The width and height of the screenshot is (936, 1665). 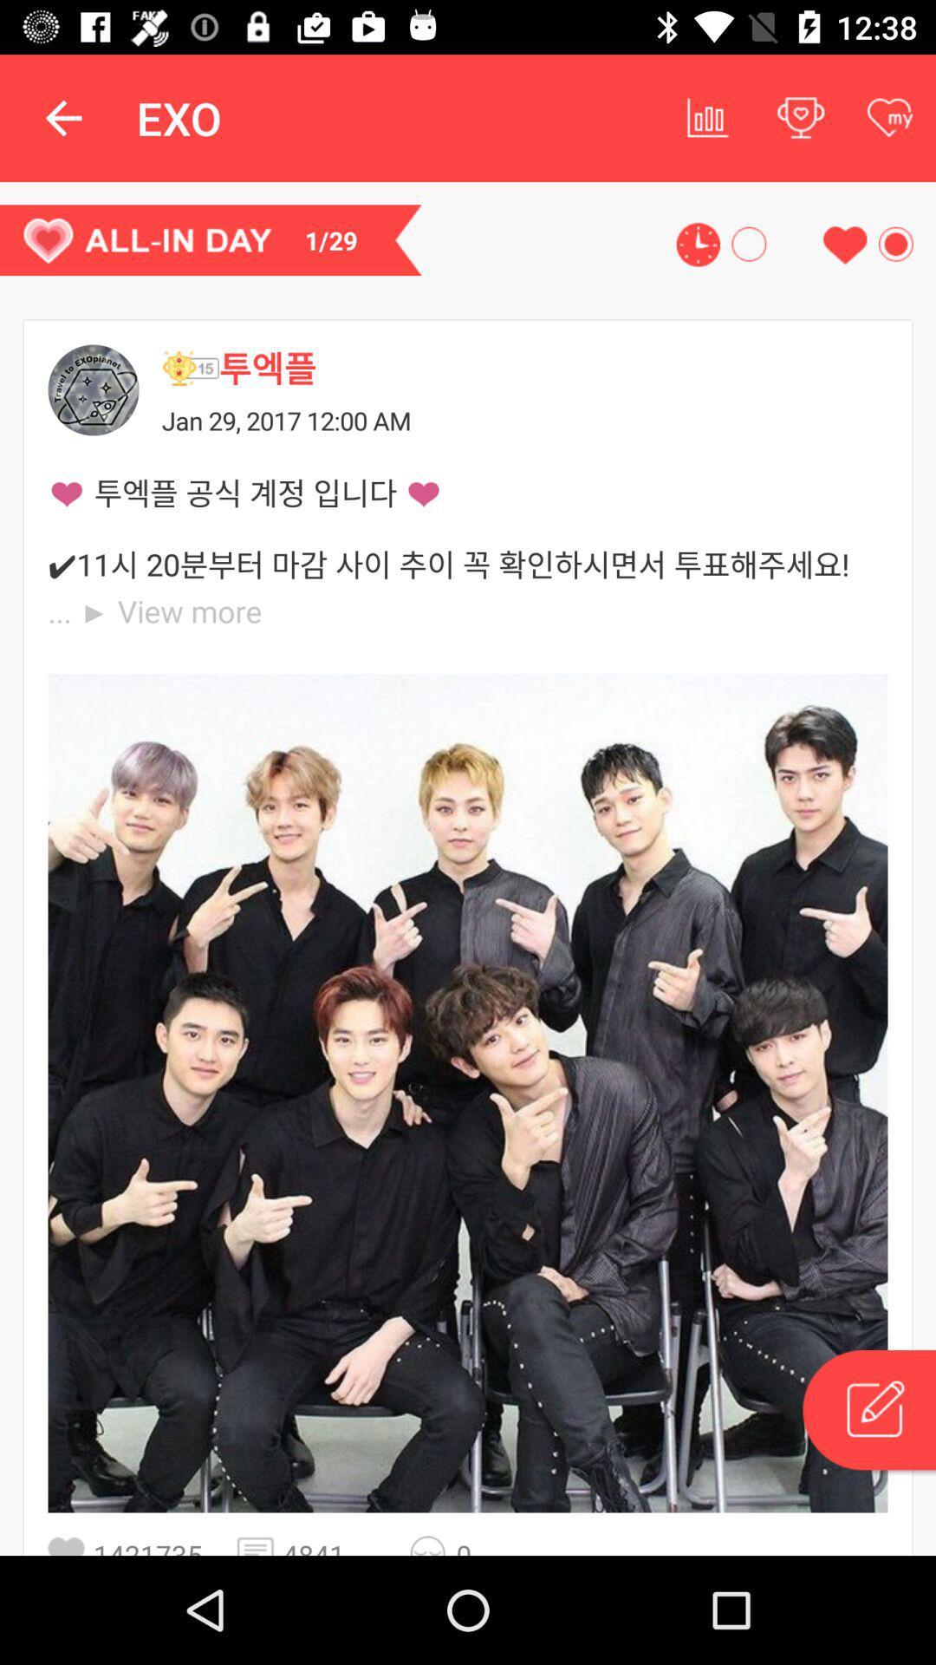 I want to click on the item next to the 0 icon, so click(x=432, y=1545).